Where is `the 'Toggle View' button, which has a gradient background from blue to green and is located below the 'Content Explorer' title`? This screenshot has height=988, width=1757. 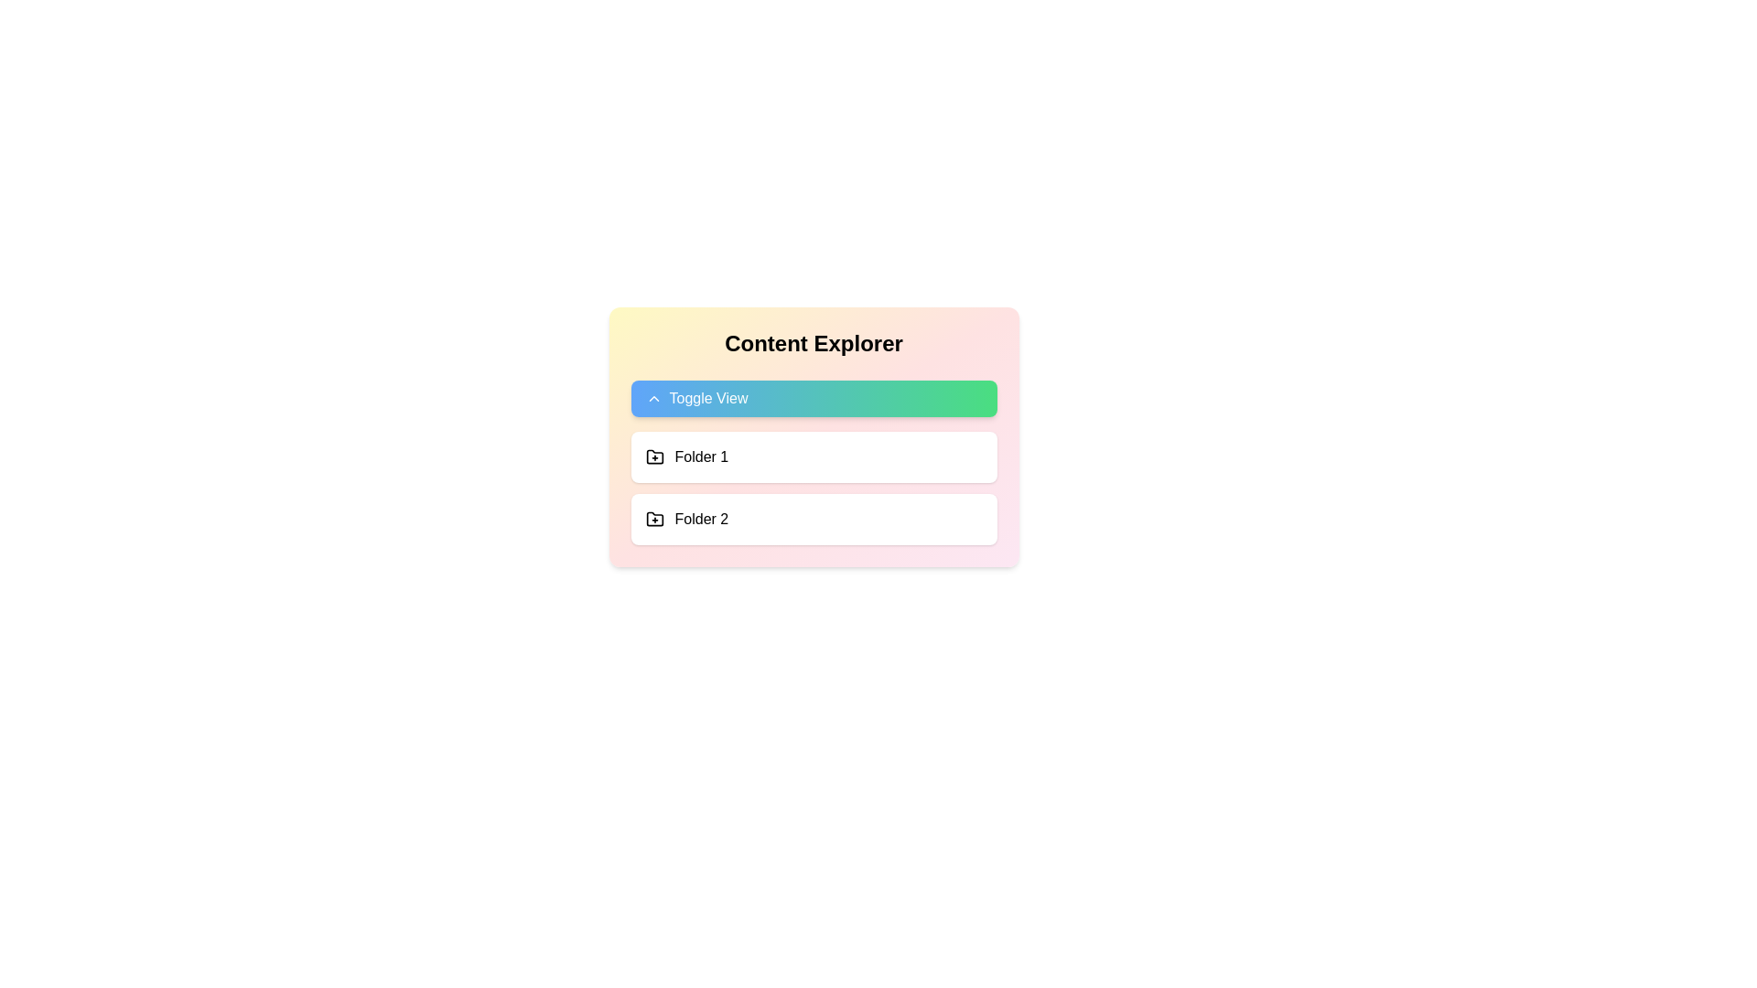 the 'Toggle View' button, which has a gradient background from blue to green and is located below the 'Content Explorer' title is located at coordinates (813, 397).